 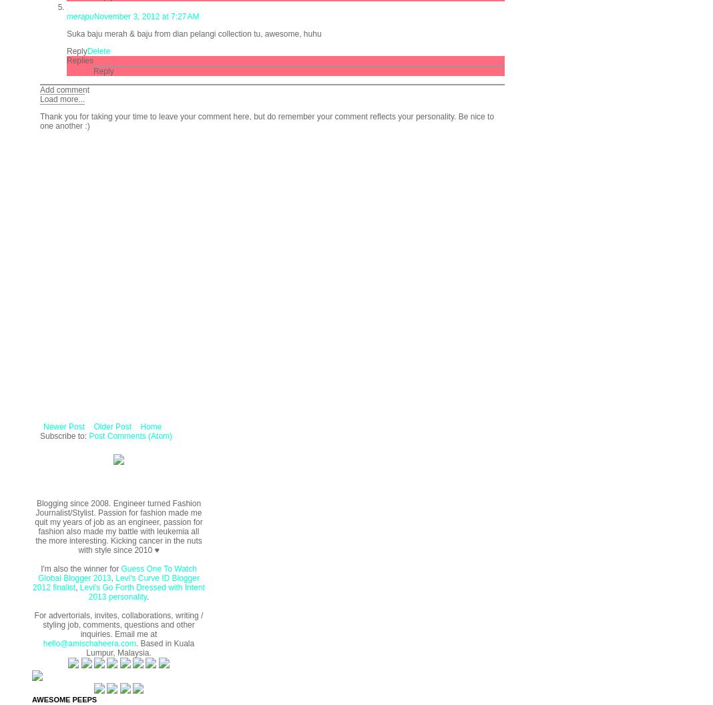 I want to click on 'Levi's Curve ID Blogger 2012 finalist', so click(x=115, y=581).